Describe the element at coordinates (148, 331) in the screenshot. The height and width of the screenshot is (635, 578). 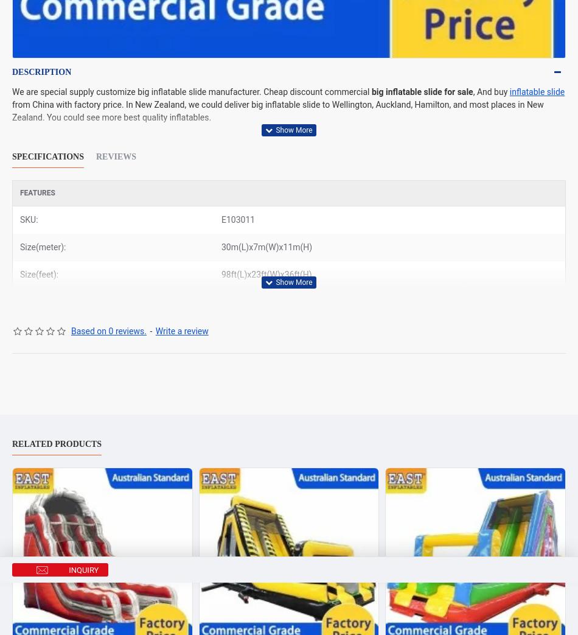
I see `'-'` at that location.